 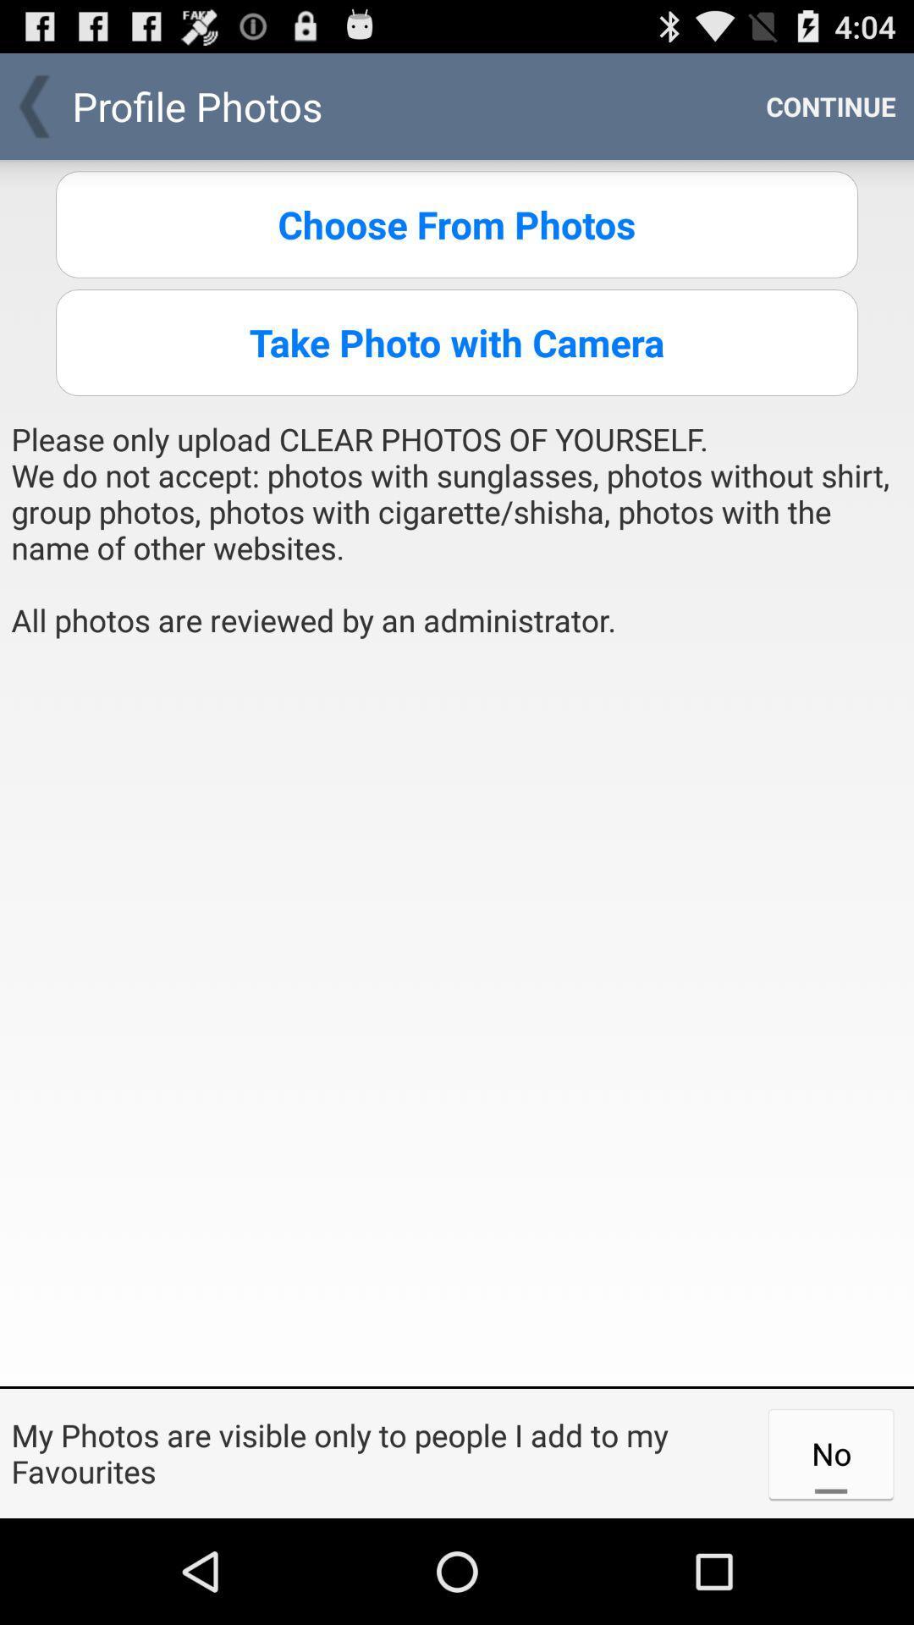 I want to click on the item to the right of the profile photos item, so click(x=830, y=105).